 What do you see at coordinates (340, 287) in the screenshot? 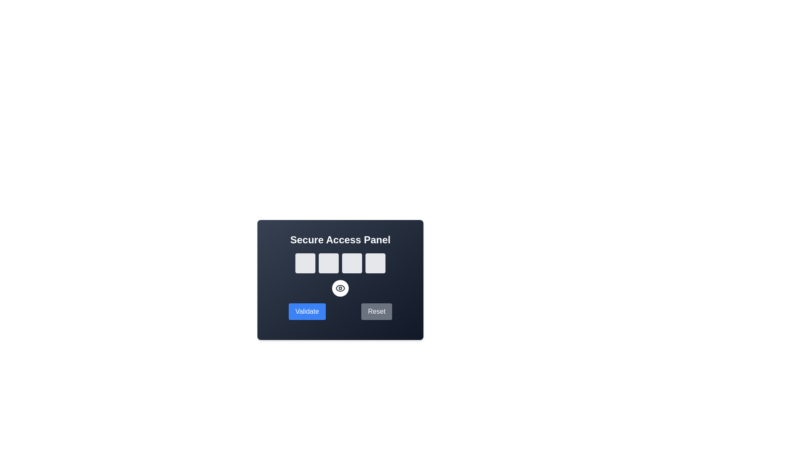
I see `the icon button located beneath the 'Secure Access Panel' input fields` at bounding box center [340, 287].